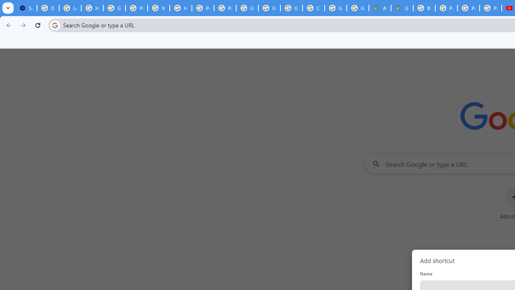 This screenshot has width=515, height=290. Describe the element at coordinates (313, 8) in the screenshot. I see `'Create your Google Account'` at that location.